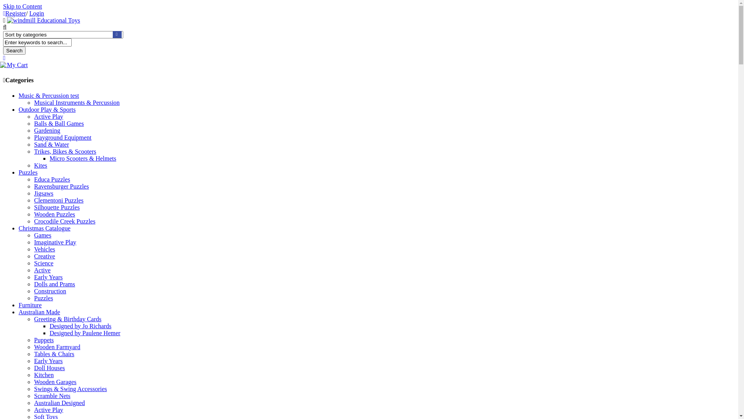 The height and width of the screenshot is (419, 744). I want to click on 'Musical Instruments & Percussion', so click(33, 102).